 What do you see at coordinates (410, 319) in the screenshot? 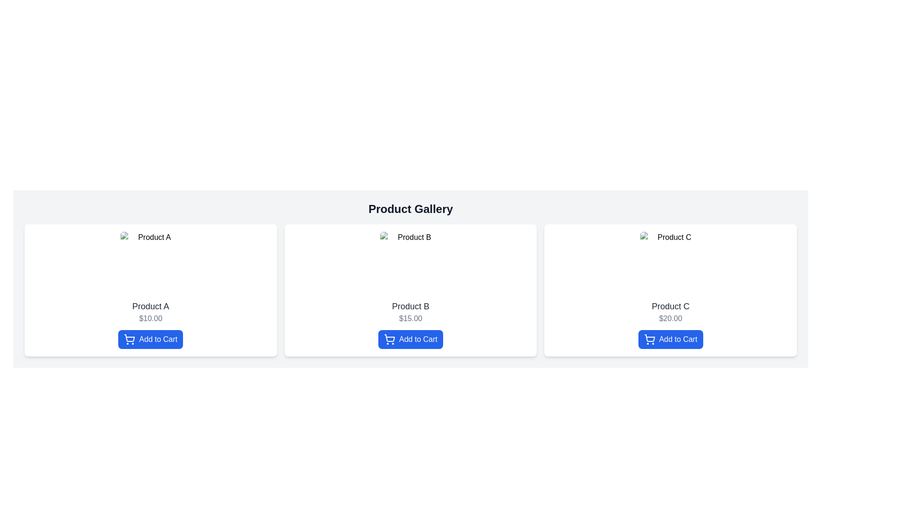
I see `the static price label located in the second product card, positioned below the product name and above the 'Add to Cart' button` at bounding box center [410, 319].